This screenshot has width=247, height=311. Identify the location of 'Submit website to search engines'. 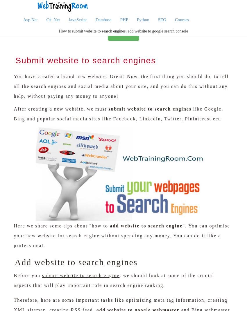
(85, 60).